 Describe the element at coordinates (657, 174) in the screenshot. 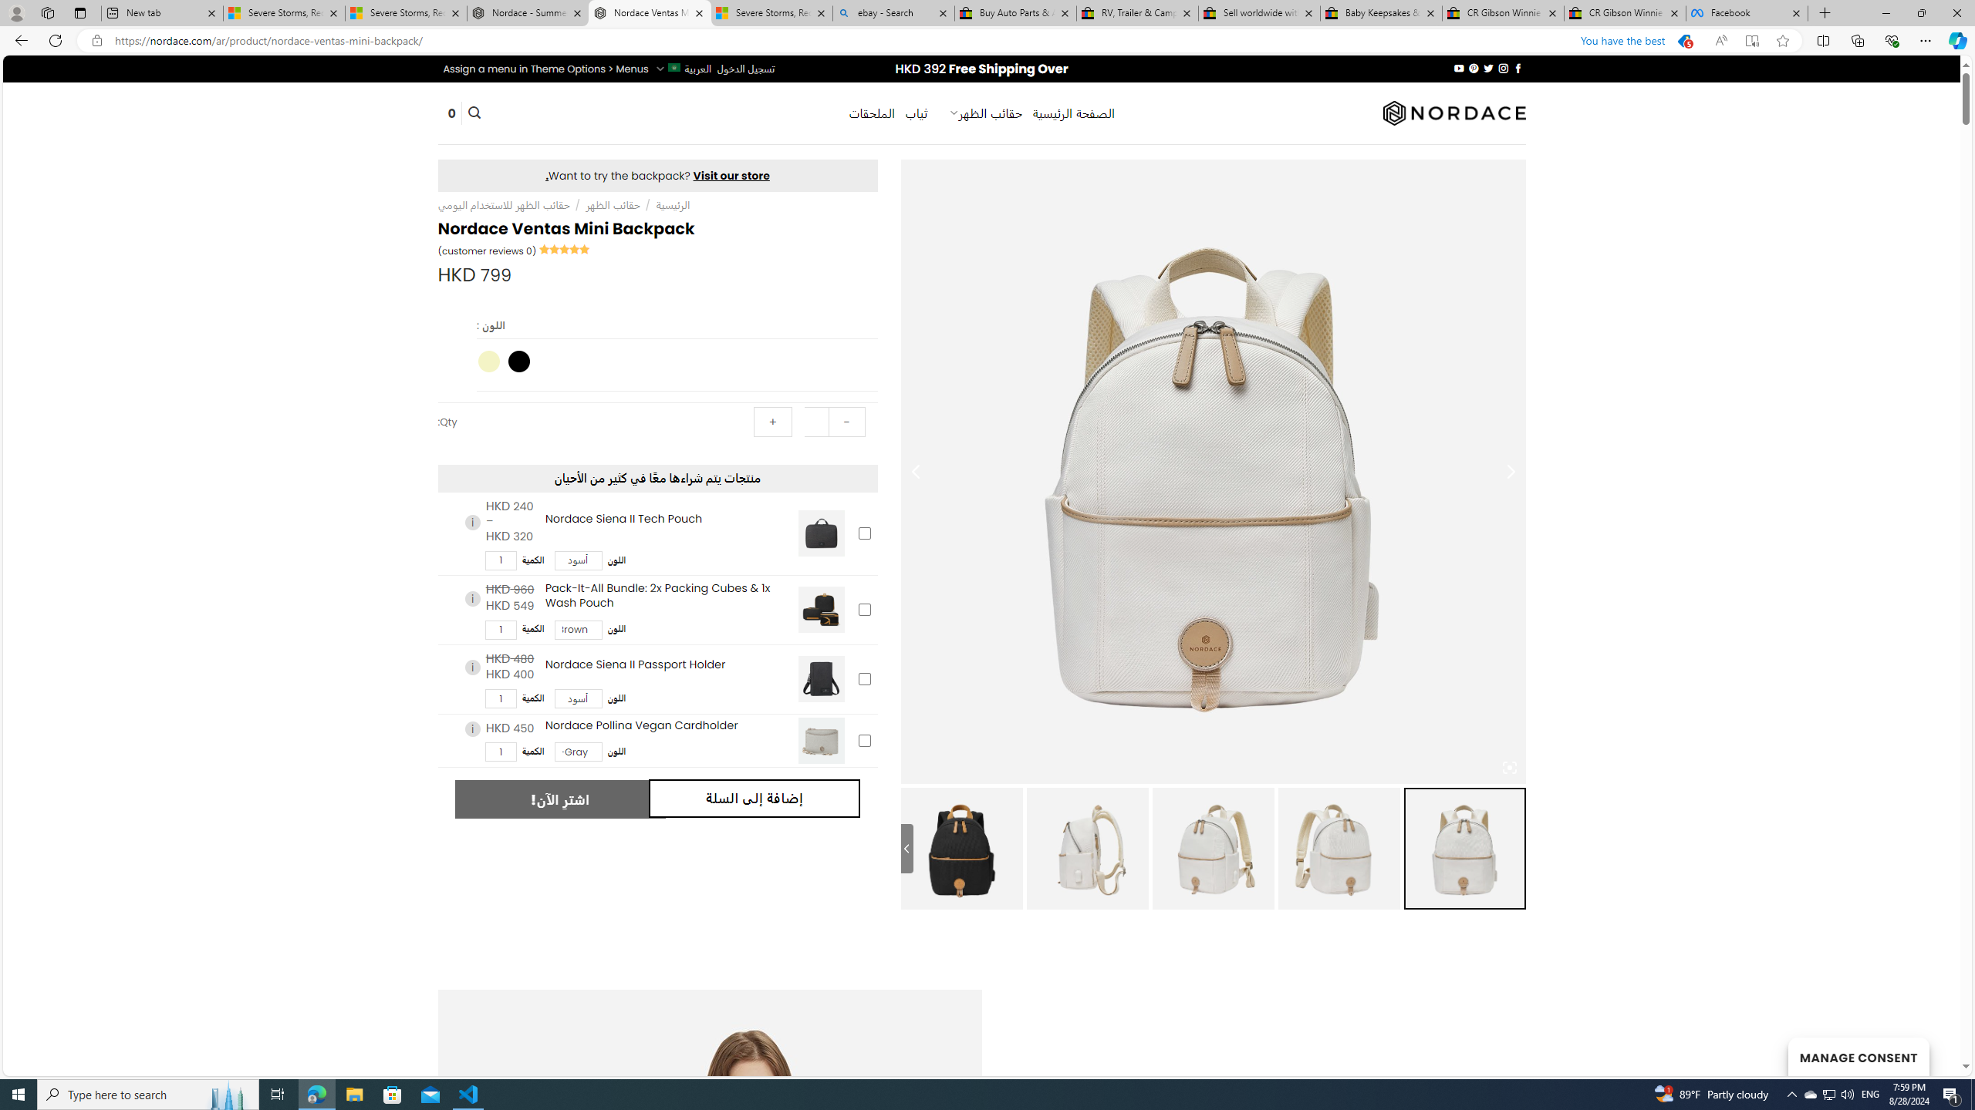

I see `'Visit our store.'` at that location.